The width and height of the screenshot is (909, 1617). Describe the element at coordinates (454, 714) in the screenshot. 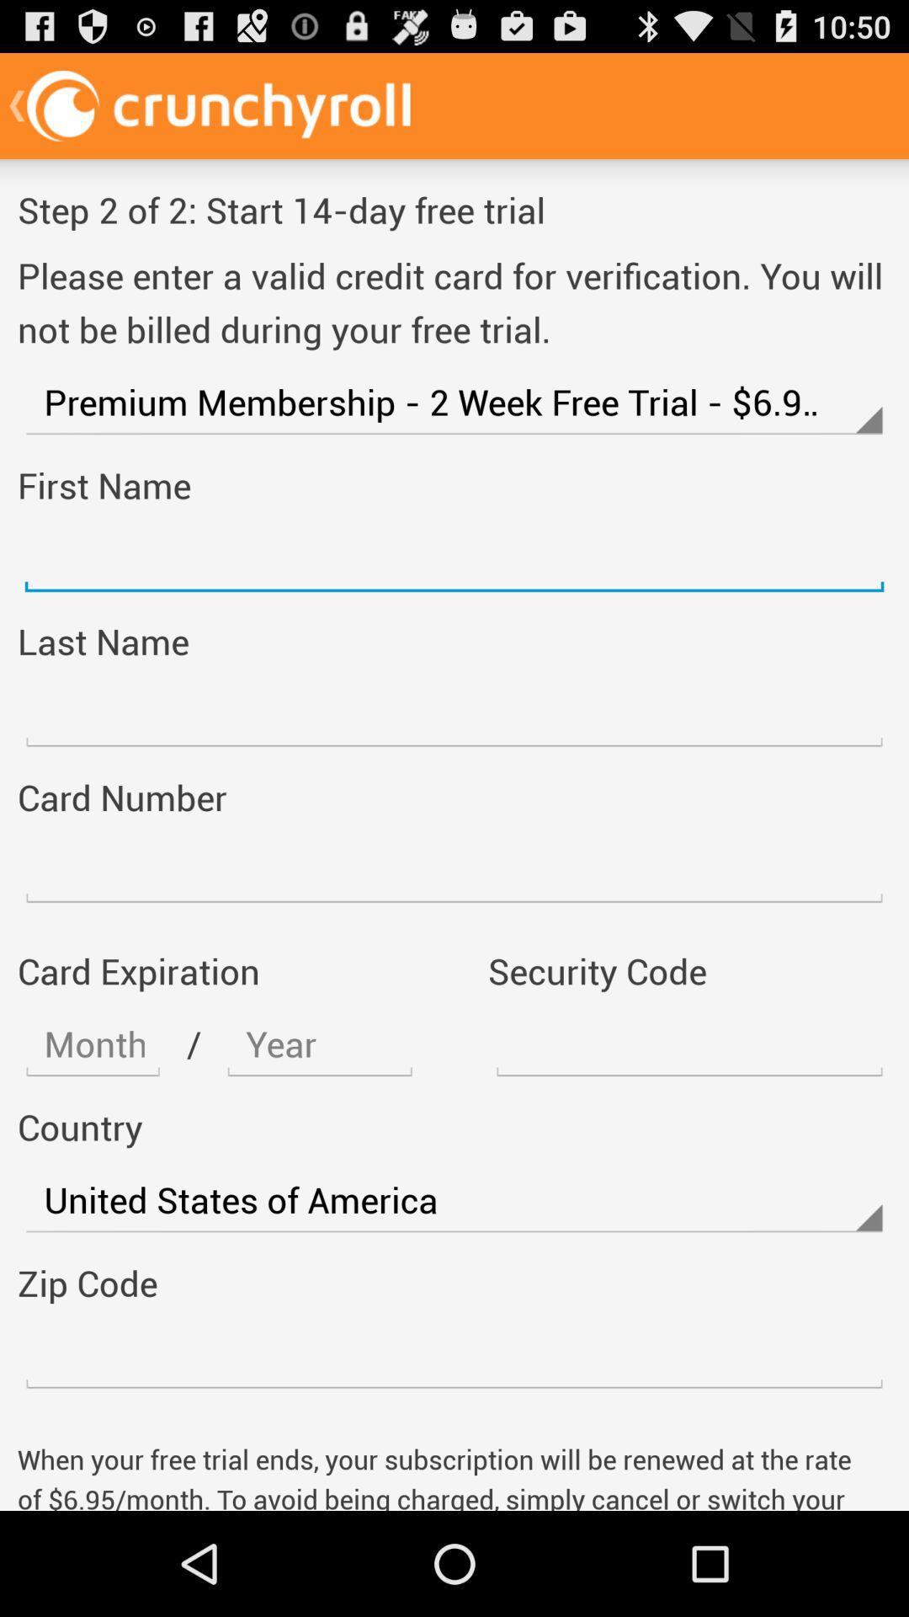

I see `your last name` at that location.